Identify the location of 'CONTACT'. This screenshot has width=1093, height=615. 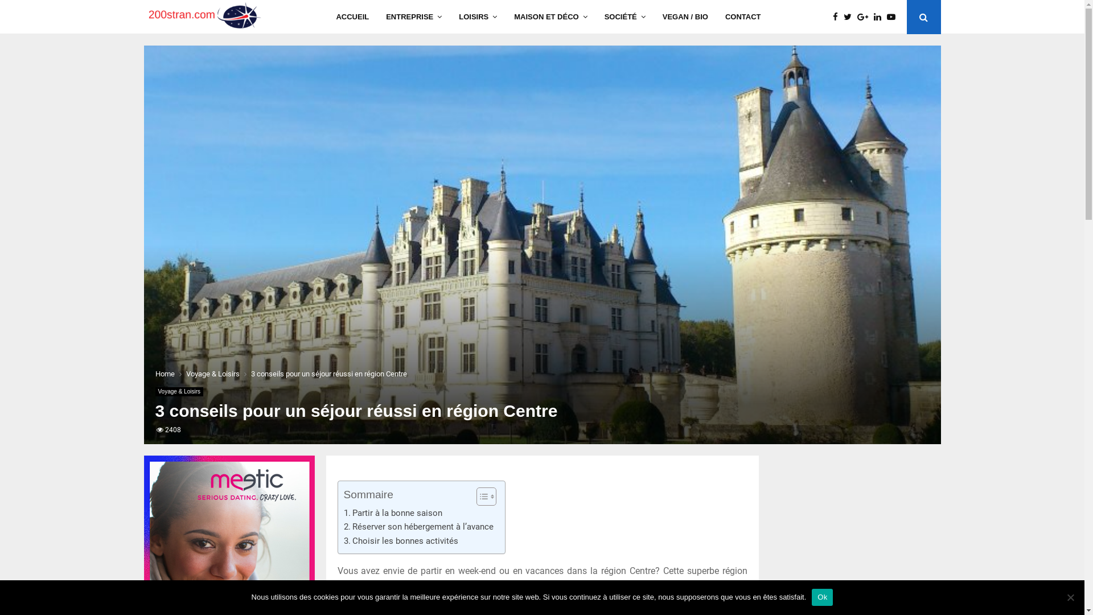
(743, 17).